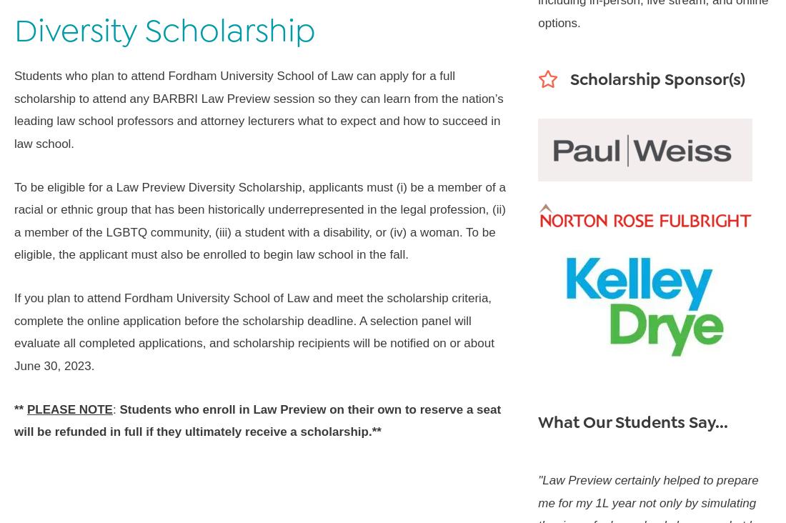 This screenshot has height=523, width=786. Describe the element at coordinates (632, 422) in the screenshot. I see `'What Our Students Say...'` at that location.